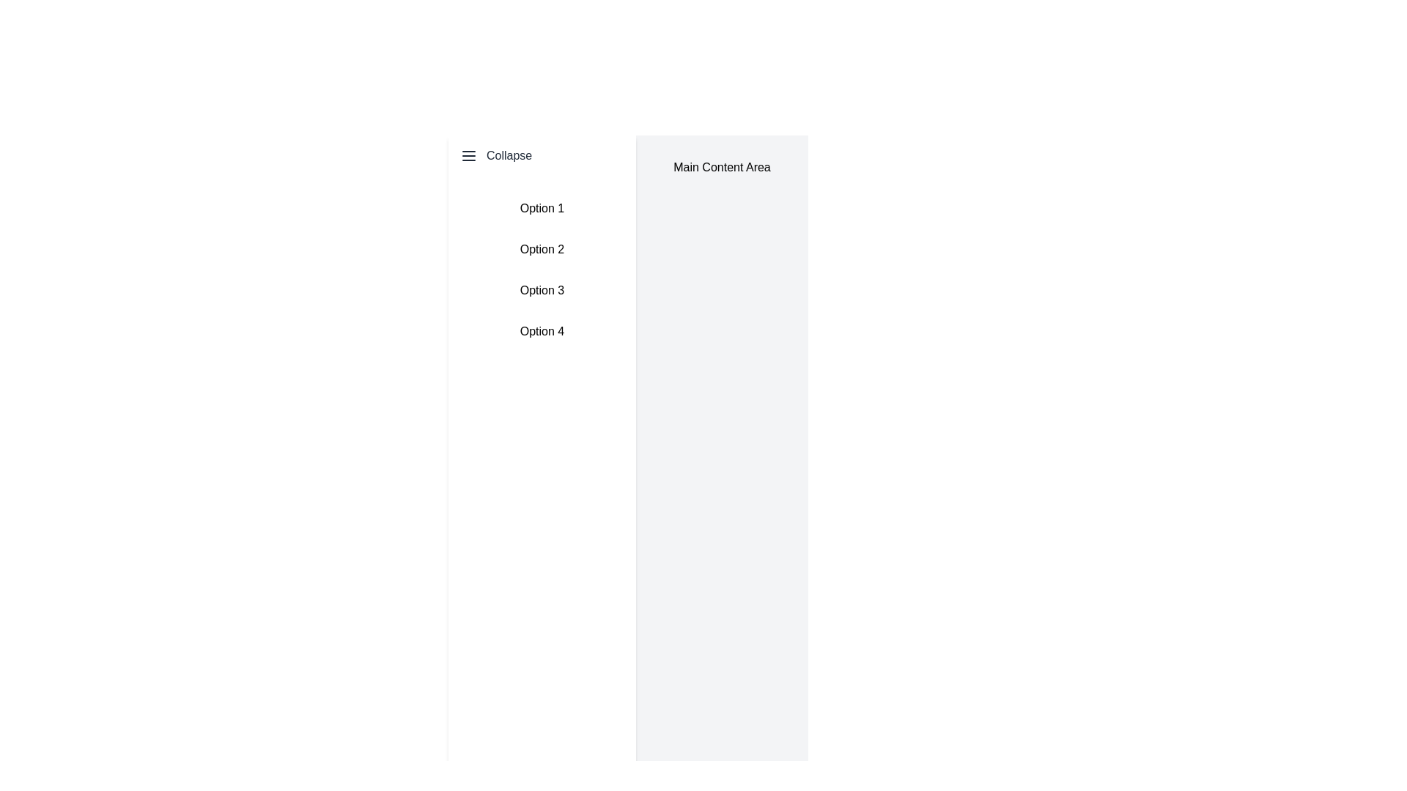 This screenshot has width=1407, height=791. Describe the element at coordinates (541, 331) in the screenshot. I see `the 'Option 4' button located at the bottom of the sidebar menu, which is styled to highlight on hover` at that location.